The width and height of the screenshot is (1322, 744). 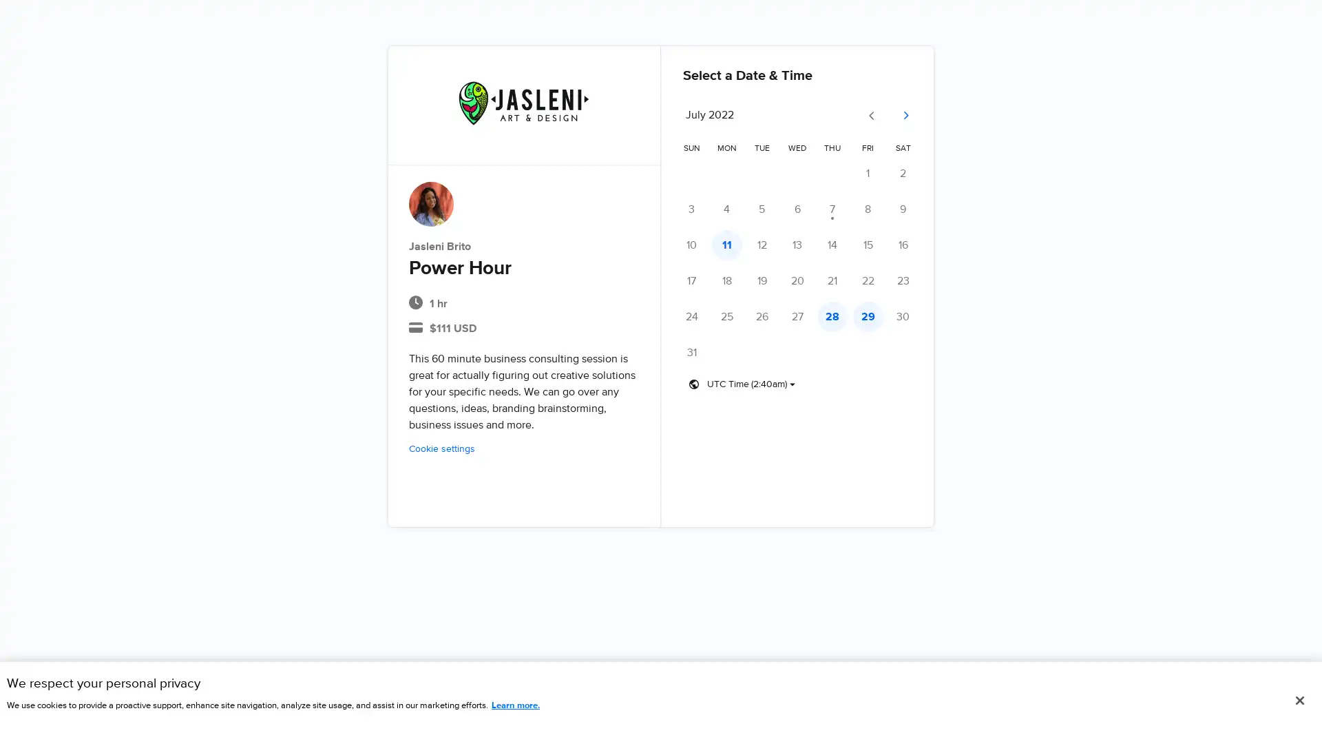 I want to click on Friday, July 22 - No times available, so click(x=868, y=280).